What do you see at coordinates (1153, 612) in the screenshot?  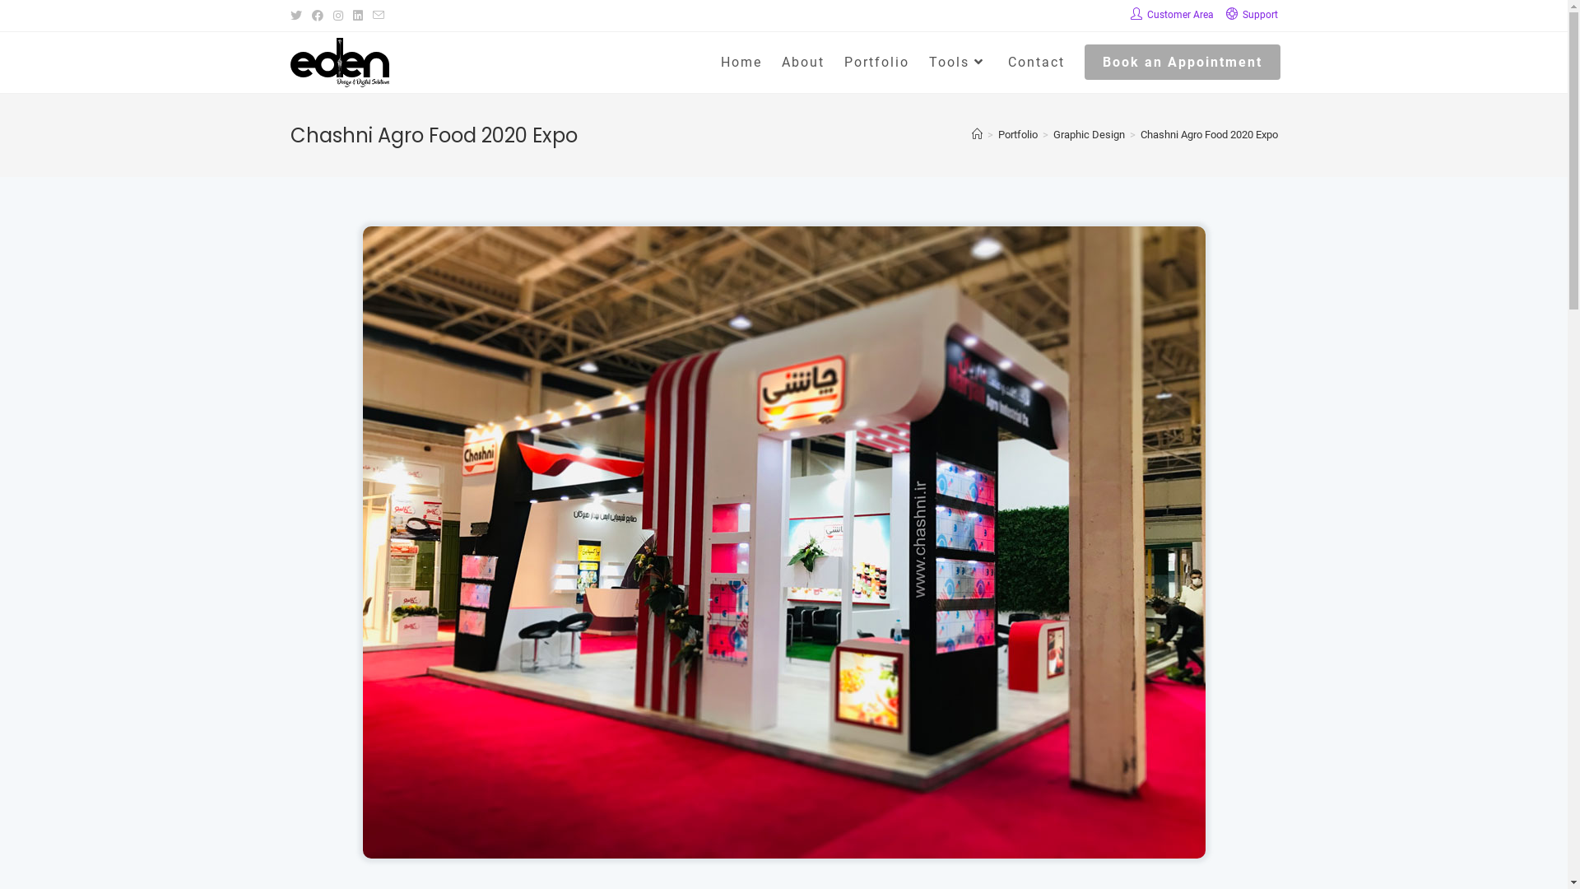 I see `'Envelope Print'` at bounding box center [1153, 612].